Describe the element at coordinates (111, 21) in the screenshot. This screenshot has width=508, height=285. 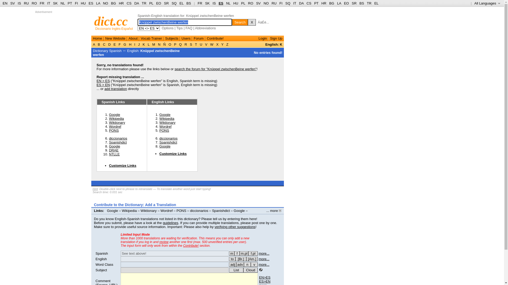
I see `'dict.cc'` at that location.